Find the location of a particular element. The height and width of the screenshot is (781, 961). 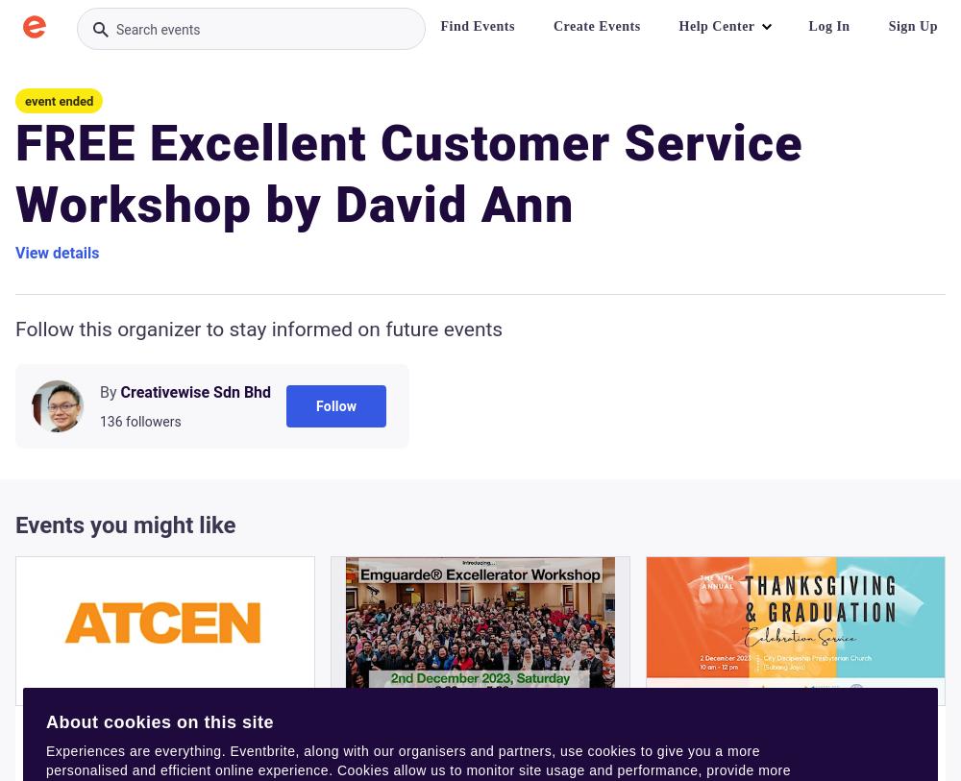

'Sign Up' is located at coordinates (912, 25).